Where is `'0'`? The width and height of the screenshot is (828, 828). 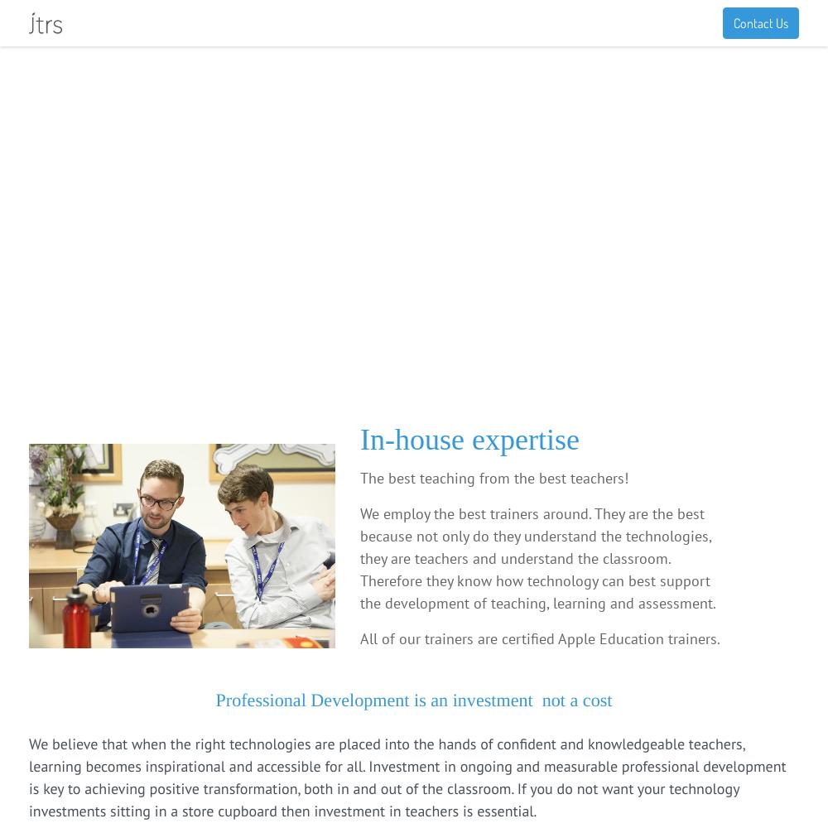
'0' is located at coordinates (770, 19).